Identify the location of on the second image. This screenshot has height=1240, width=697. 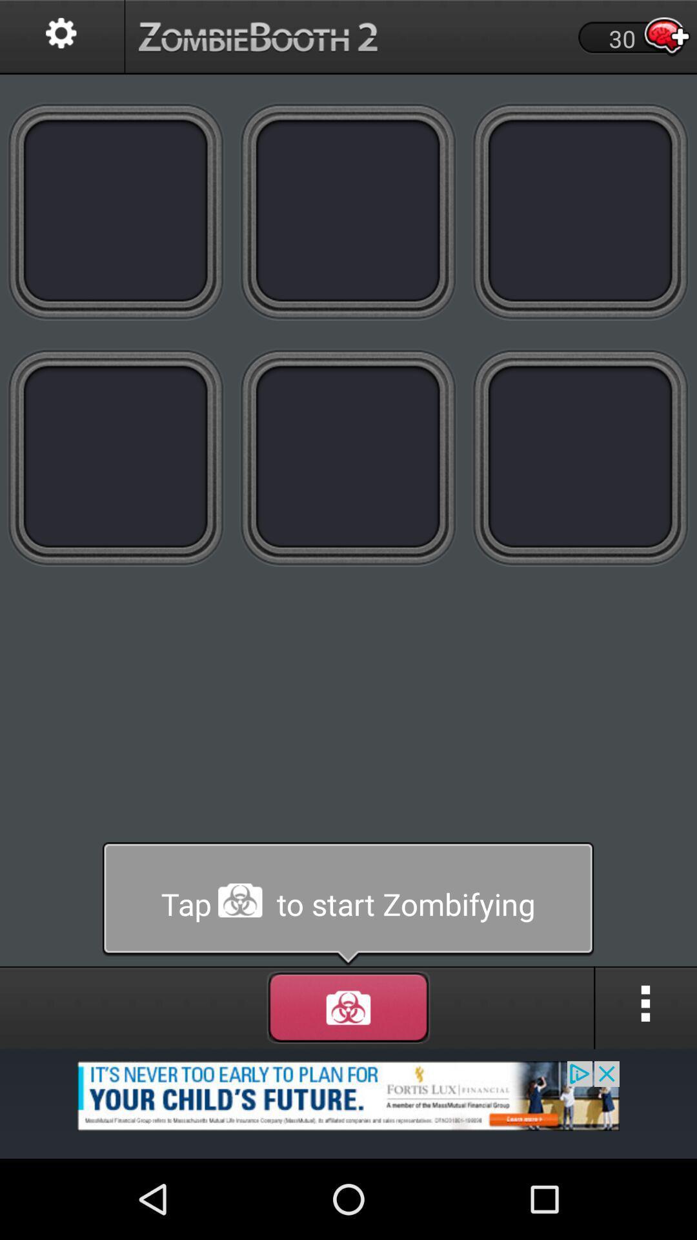
(348, 211).